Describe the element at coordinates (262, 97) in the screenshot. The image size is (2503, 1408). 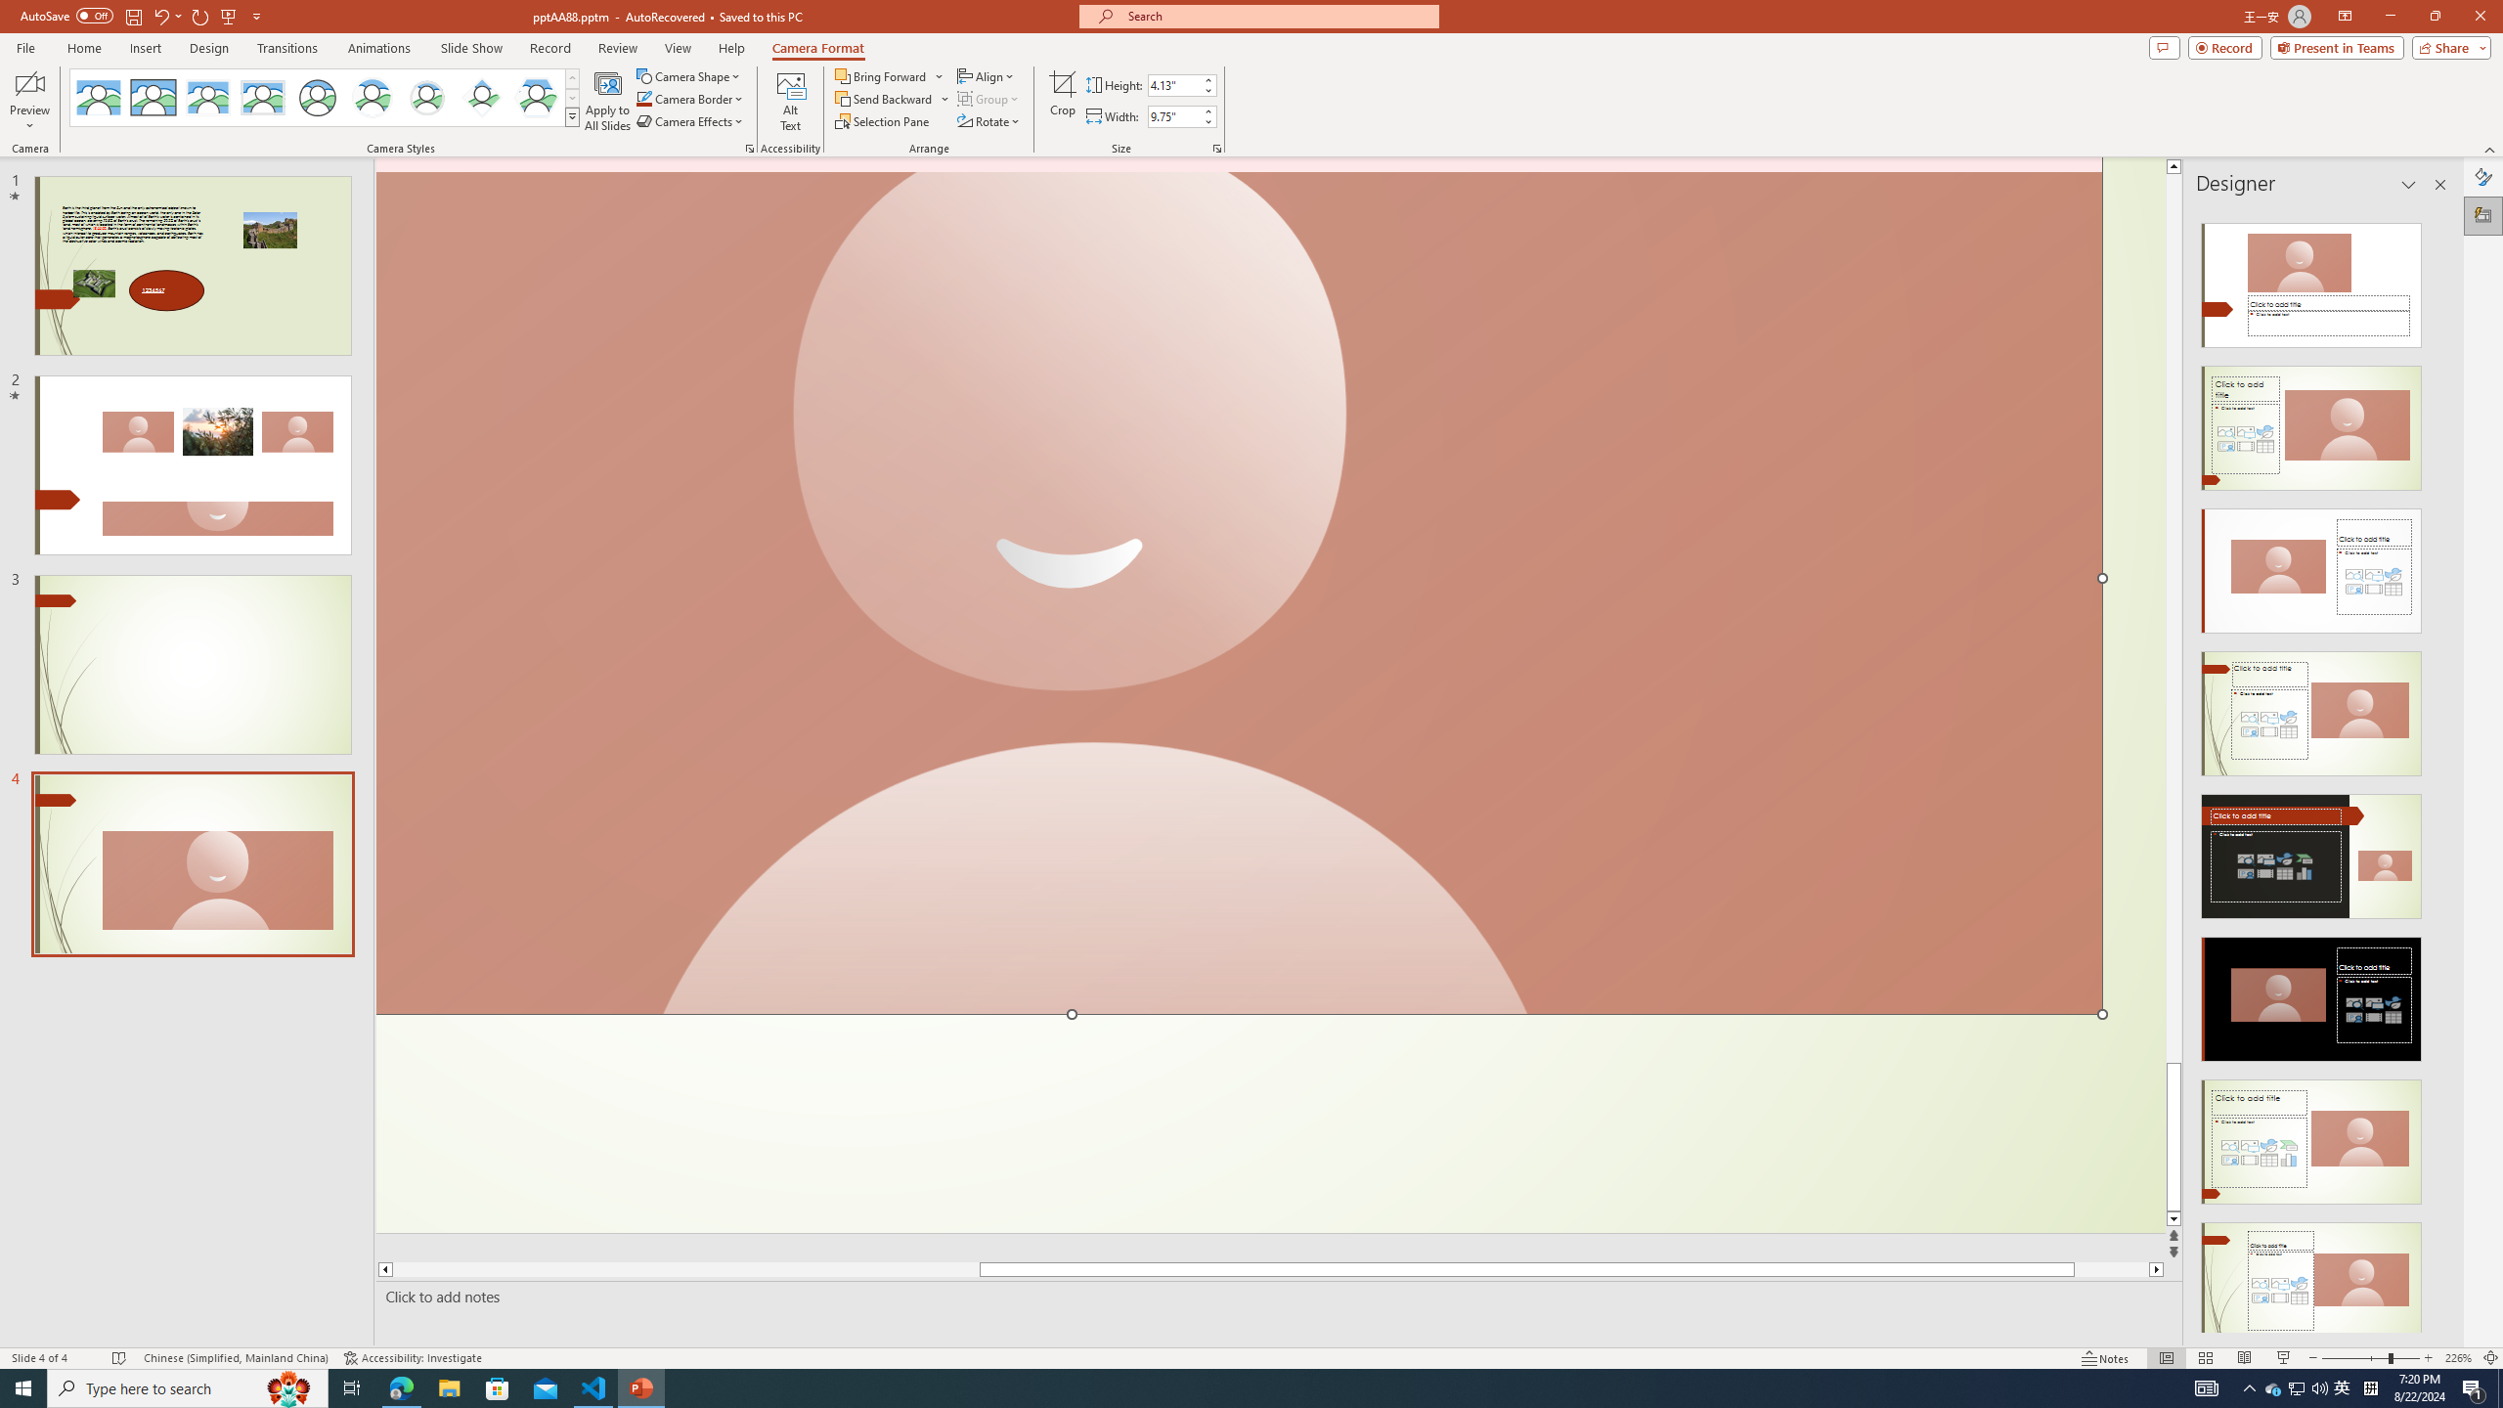
I see `'Soft Edge Rectangle'` at that location.